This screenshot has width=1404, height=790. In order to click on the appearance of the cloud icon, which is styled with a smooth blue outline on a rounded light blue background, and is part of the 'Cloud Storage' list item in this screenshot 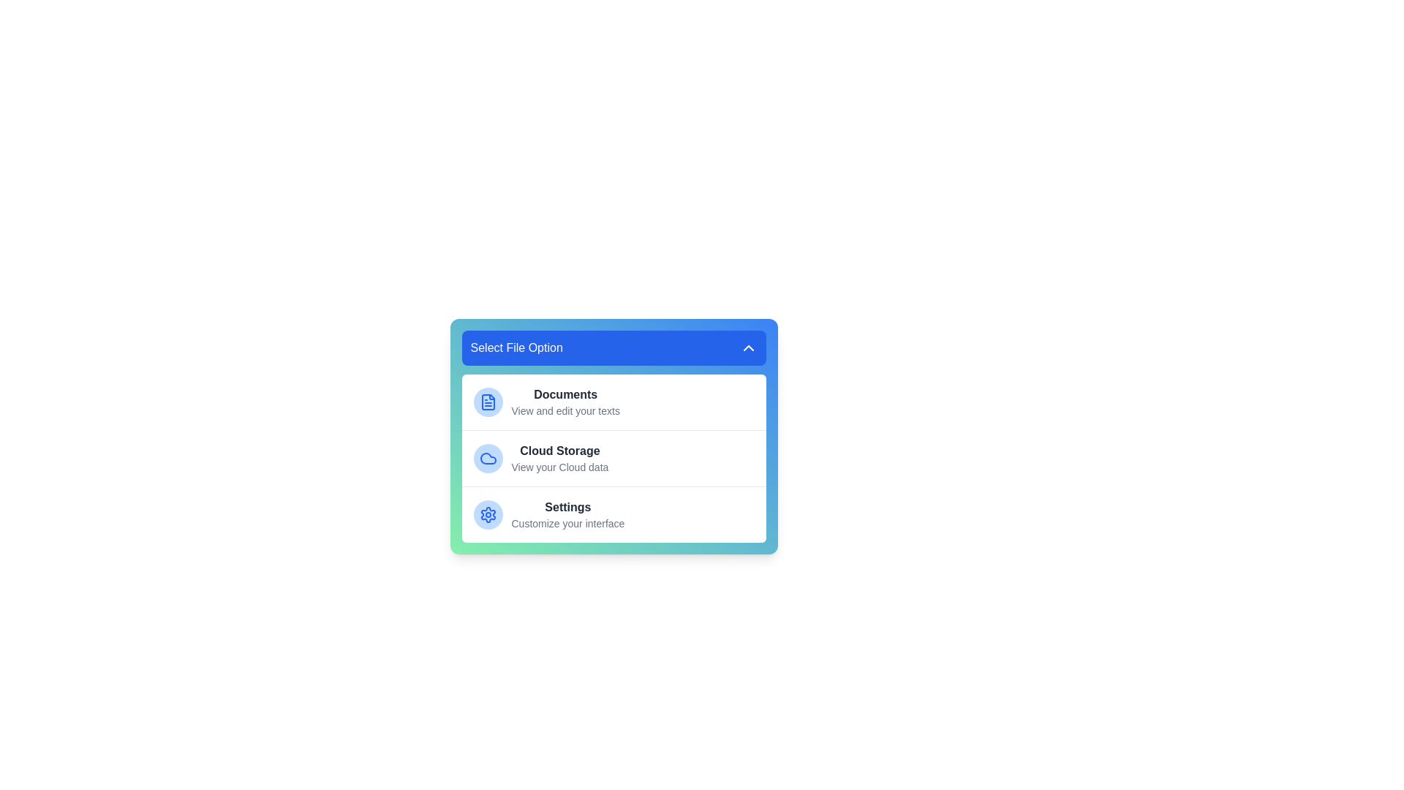, I will do `click(488, 458)`.